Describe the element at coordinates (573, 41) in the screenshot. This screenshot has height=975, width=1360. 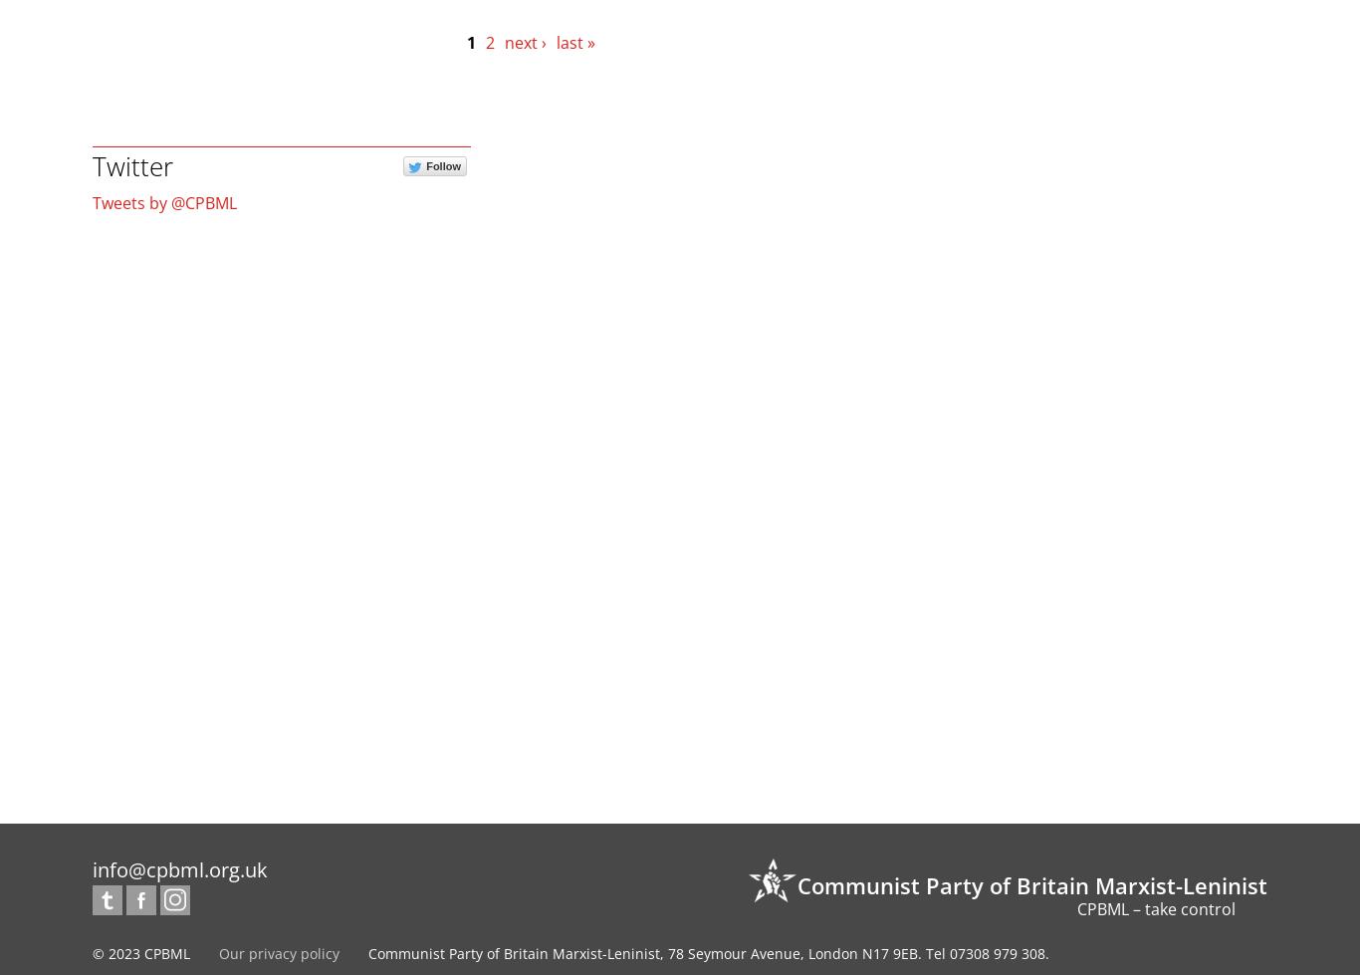
I see `'last »'` at that location.